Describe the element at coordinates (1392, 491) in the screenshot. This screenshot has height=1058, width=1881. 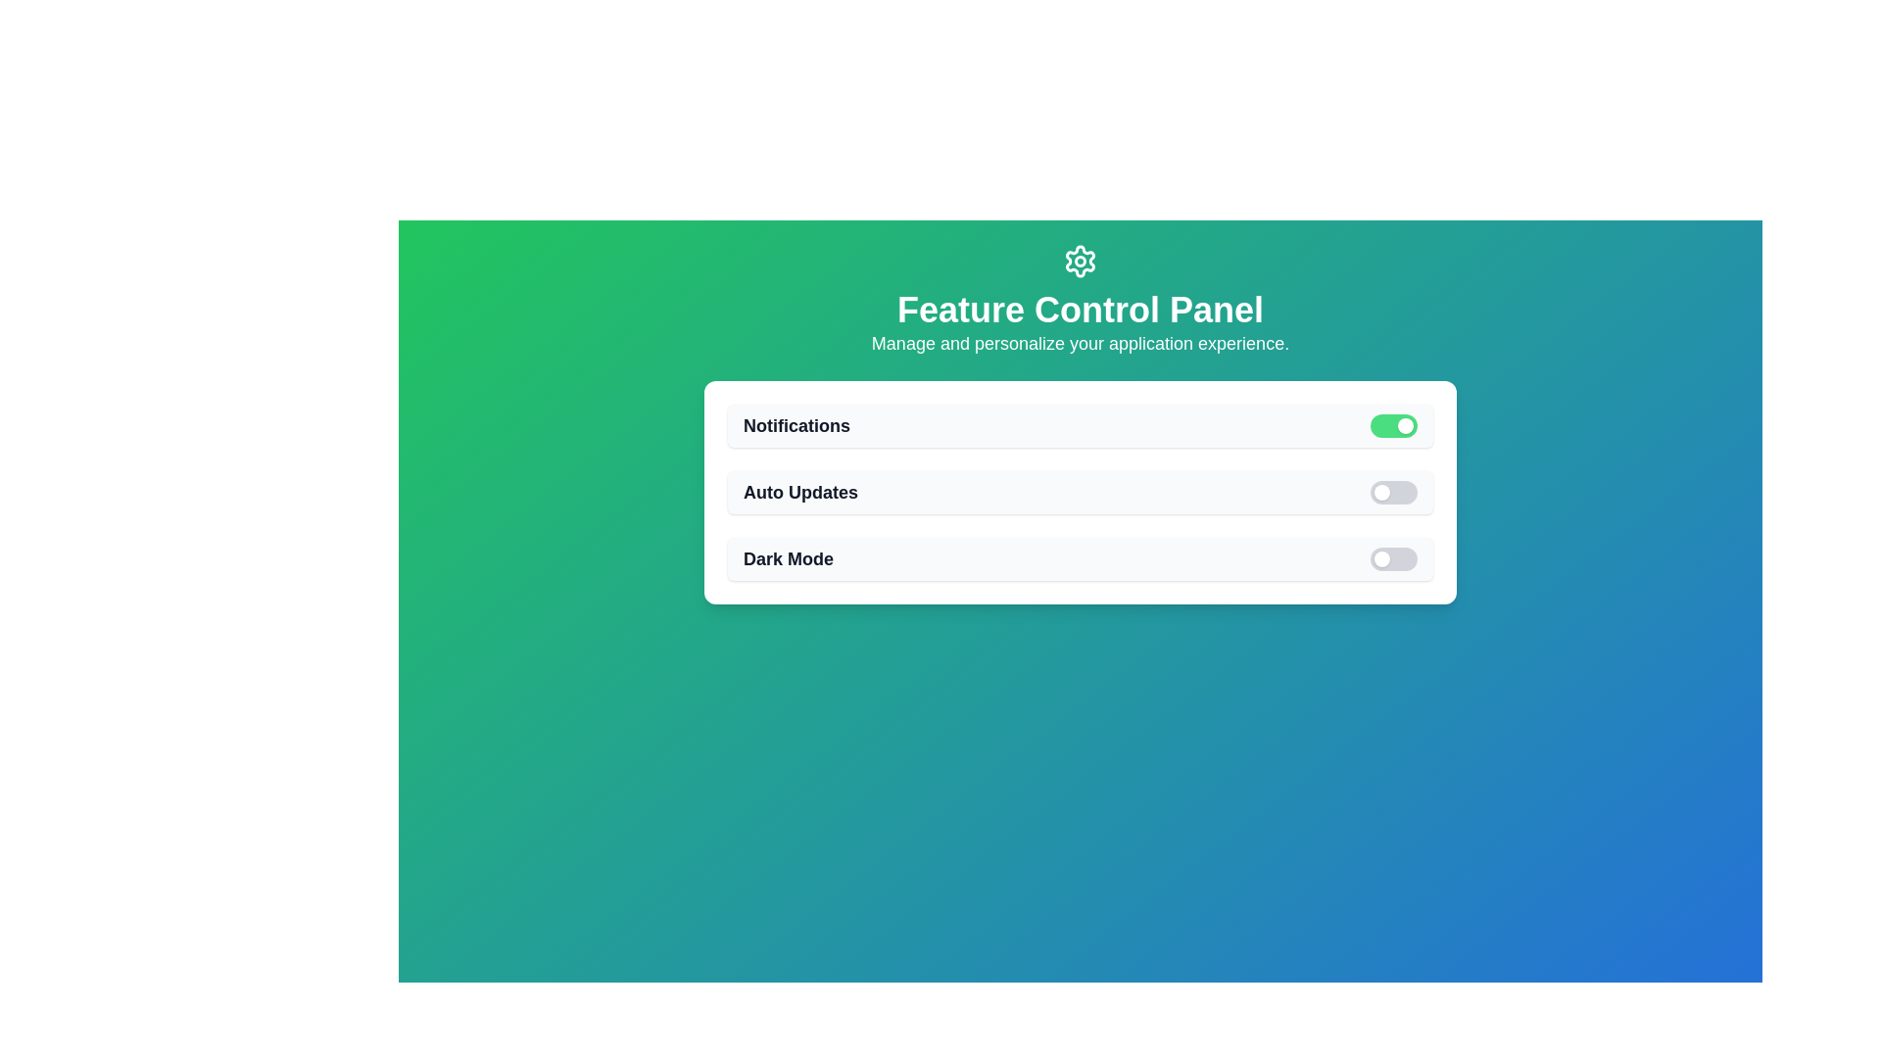
I see `the toggle switch located in the 'Auto Updates' row` at that location.